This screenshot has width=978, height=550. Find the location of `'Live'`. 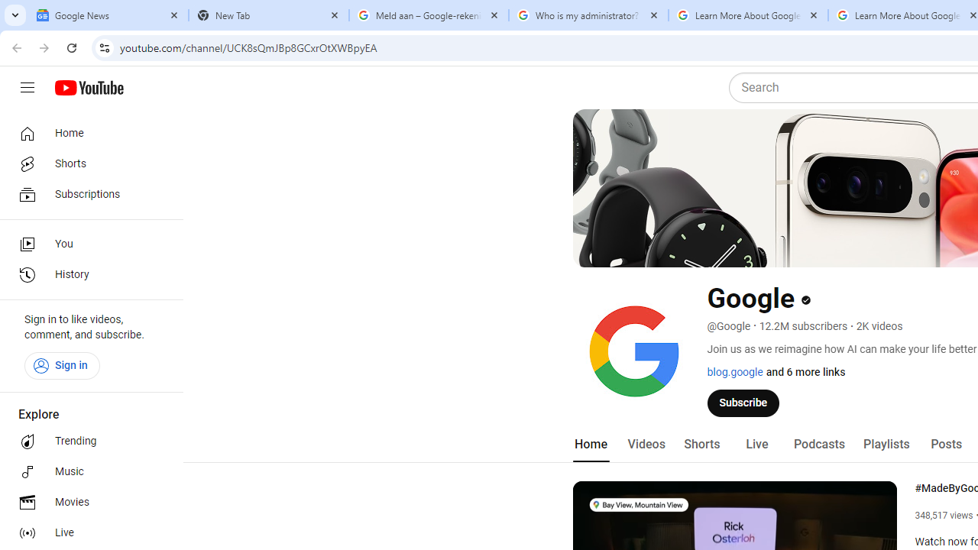

'Live' is located at coordinates (86, 532).